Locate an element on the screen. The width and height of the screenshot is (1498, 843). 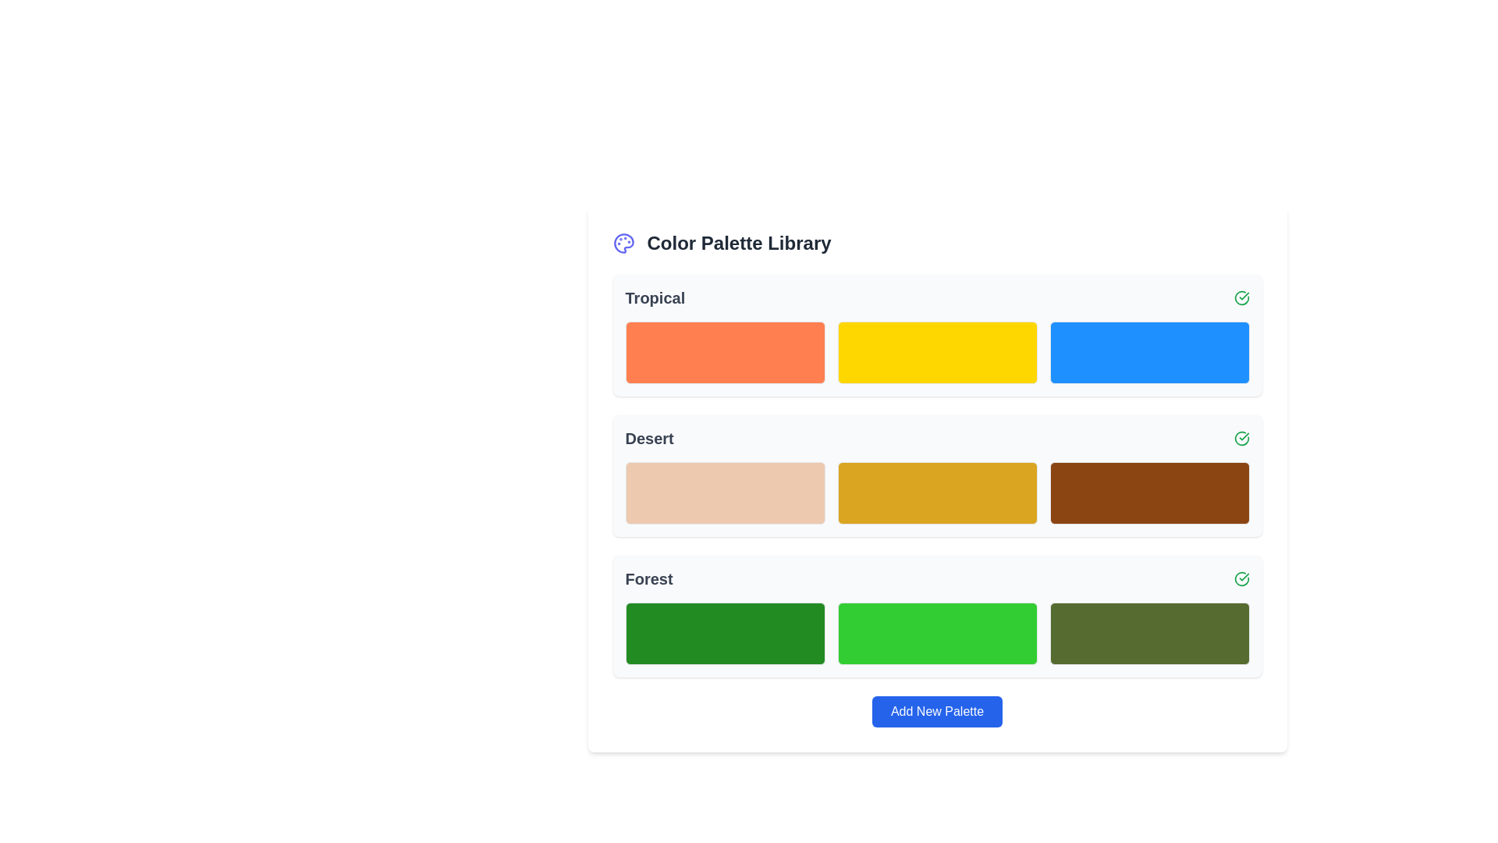
the third color swatch in the 'Forest' palette is located at coordinates (1149, 634).